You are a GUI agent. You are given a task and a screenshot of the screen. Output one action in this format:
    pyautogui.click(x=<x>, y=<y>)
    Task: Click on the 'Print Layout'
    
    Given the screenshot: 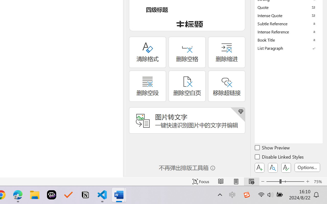 What is the action you would take?
    pyautogui.click(x=236, y=181)
    